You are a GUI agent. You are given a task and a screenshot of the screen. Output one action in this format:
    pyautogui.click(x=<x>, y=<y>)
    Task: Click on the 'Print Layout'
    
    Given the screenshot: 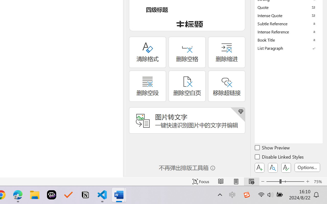 What is the action you would take?
    pyautogui.click(x=236, y=181)
    